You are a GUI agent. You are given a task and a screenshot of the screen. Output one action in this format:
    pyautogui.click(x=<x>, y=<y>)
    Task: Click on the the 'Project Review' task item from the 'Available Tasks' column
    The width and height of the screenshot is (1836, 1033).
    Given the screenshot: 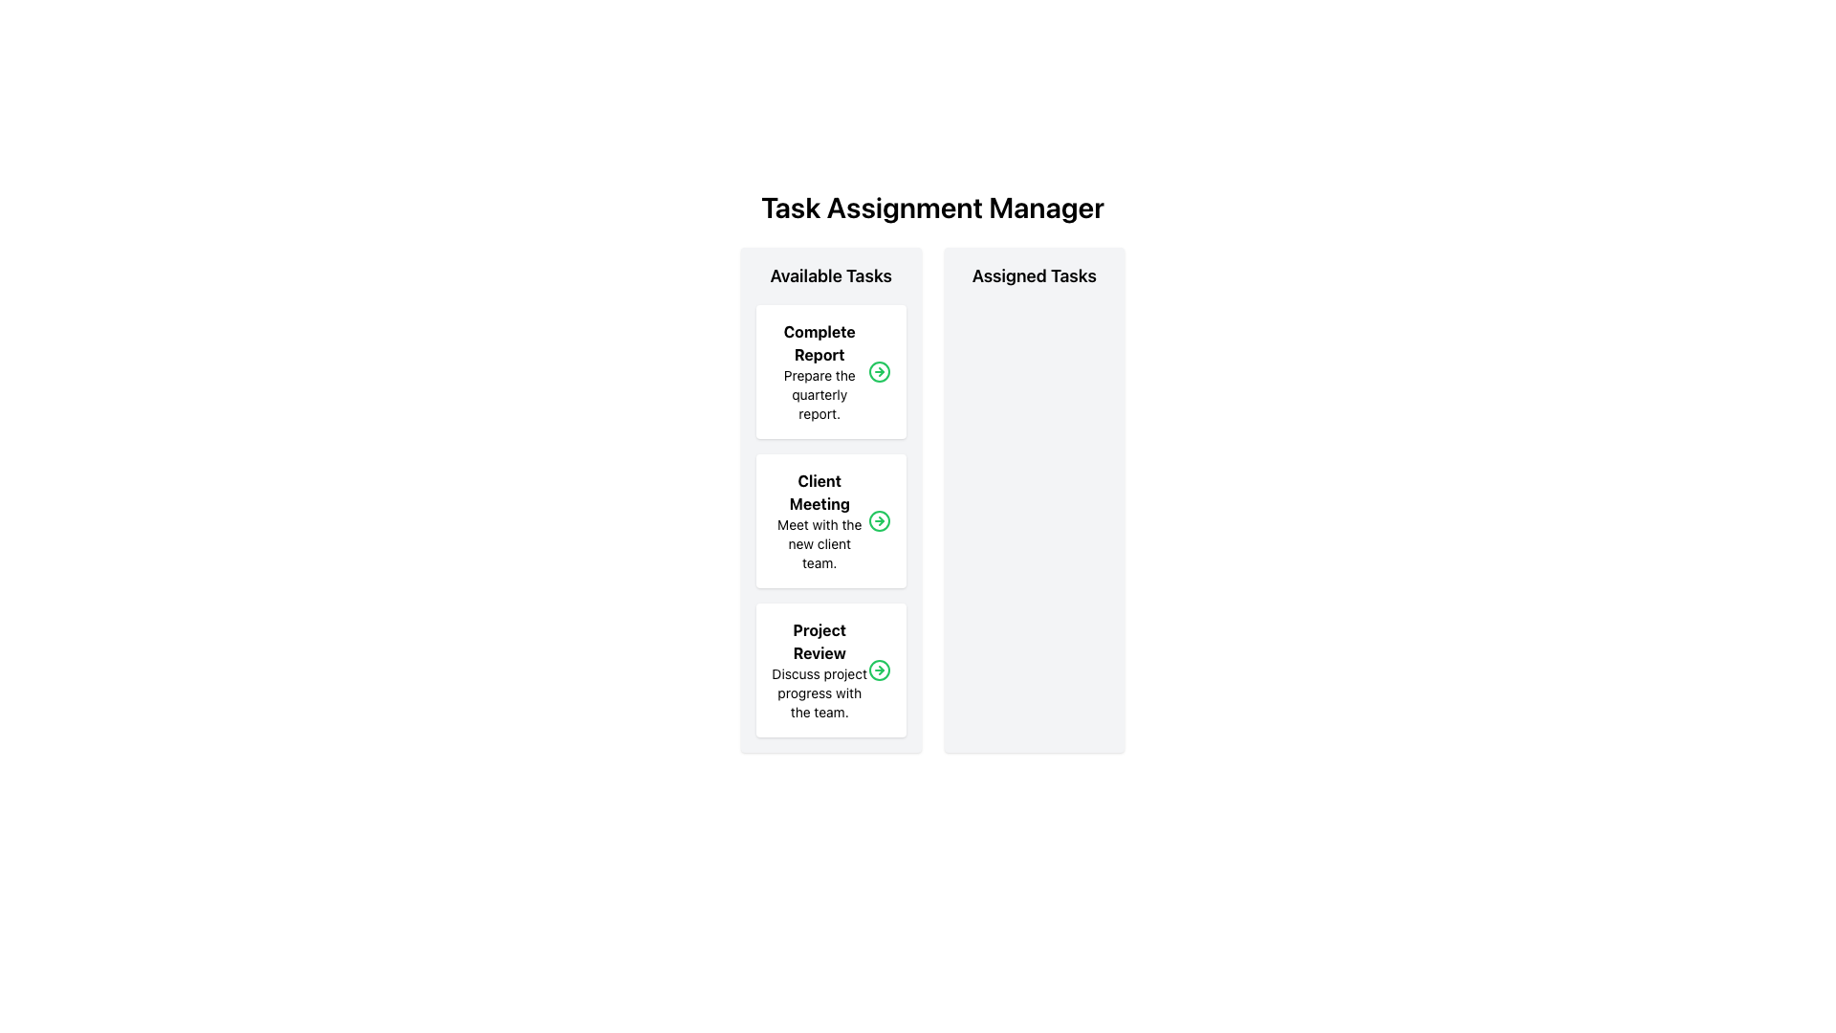 What is the action you would take?
    pyautogui.click(x=820, y=670)
    